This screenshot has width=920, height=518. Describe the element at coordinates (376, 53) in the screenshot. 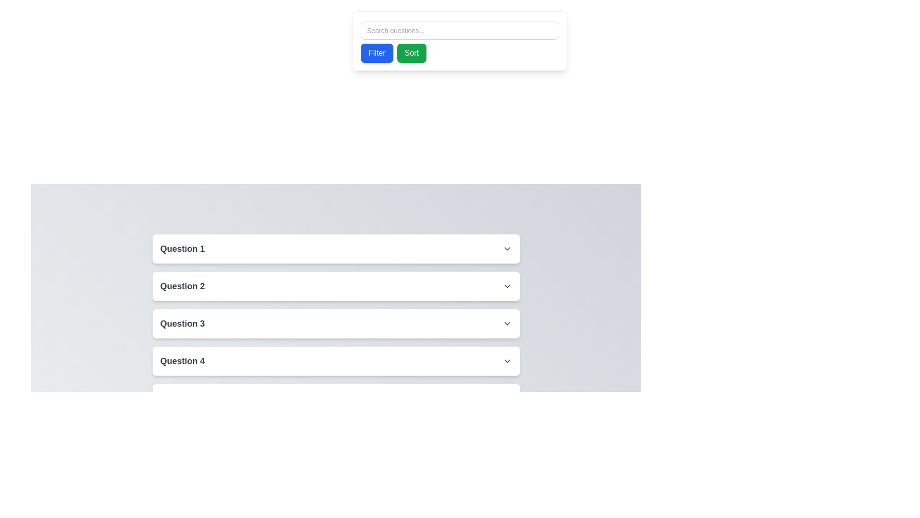

I see `the first button in the horizontal layout` at that location.